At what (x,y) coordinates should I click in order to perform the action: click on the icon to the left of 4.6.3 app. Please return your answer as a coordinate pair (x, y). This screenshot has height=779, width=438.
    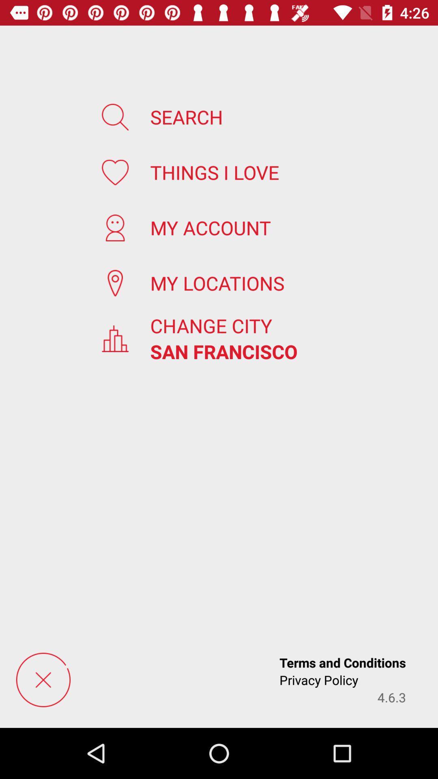
    Looking at the image, I should click on (318, 680).